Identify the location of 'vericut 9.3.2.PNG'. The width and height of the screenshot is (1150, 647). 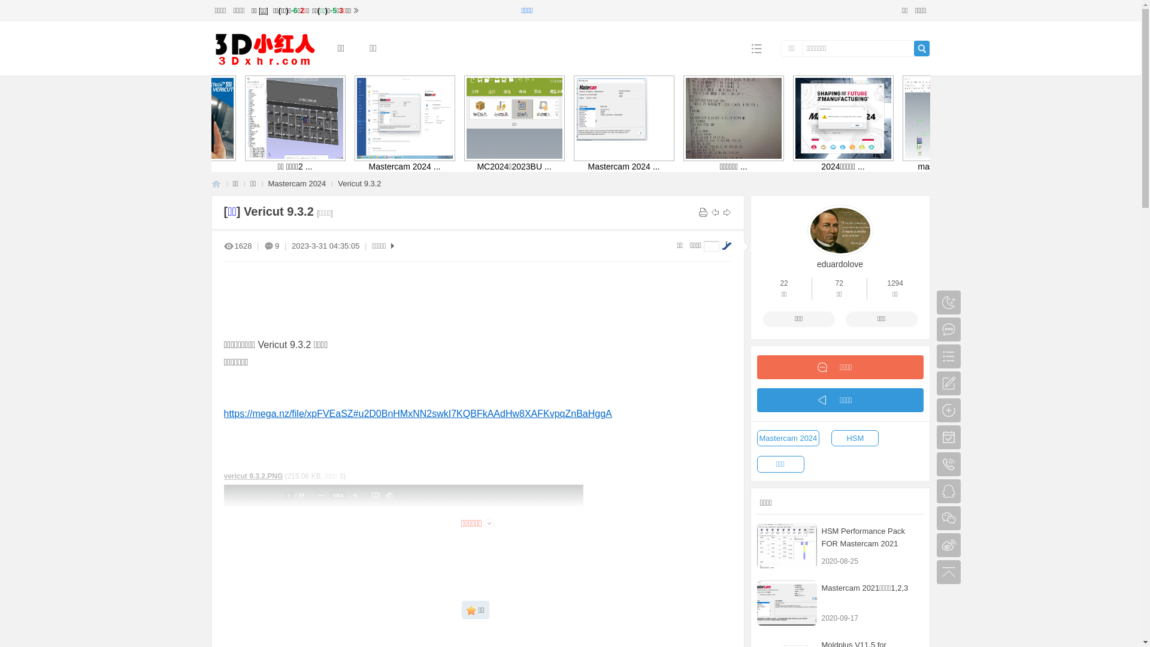
(253, 475).